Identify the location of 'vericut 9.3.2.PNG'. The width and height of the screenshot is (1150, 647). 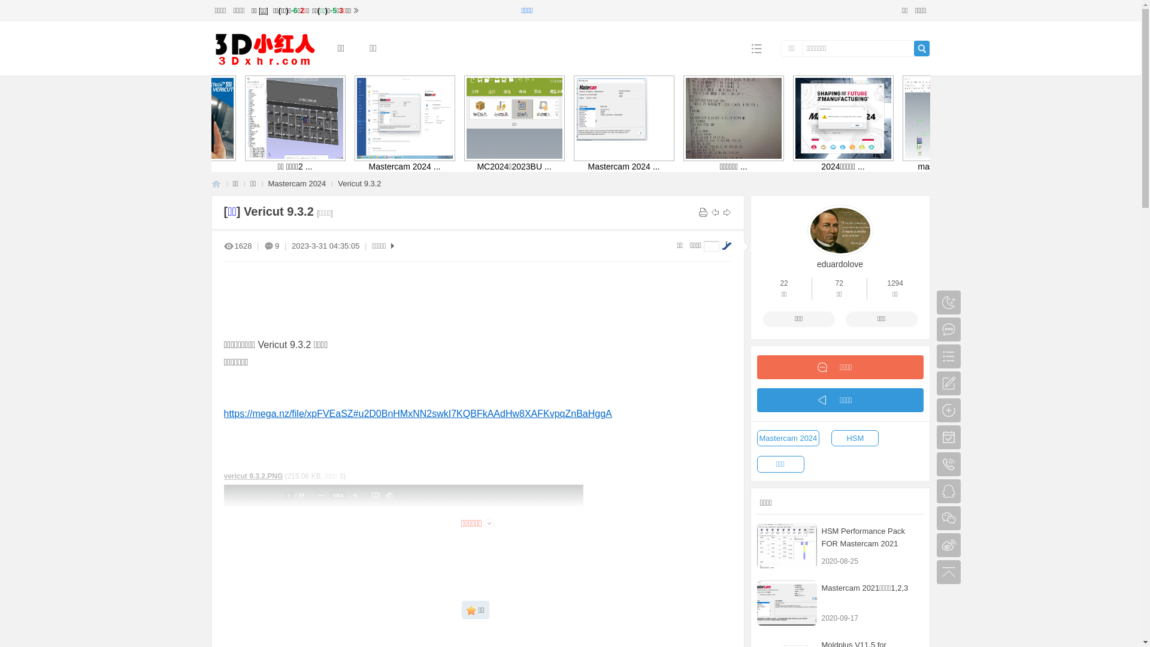
(253, 475).